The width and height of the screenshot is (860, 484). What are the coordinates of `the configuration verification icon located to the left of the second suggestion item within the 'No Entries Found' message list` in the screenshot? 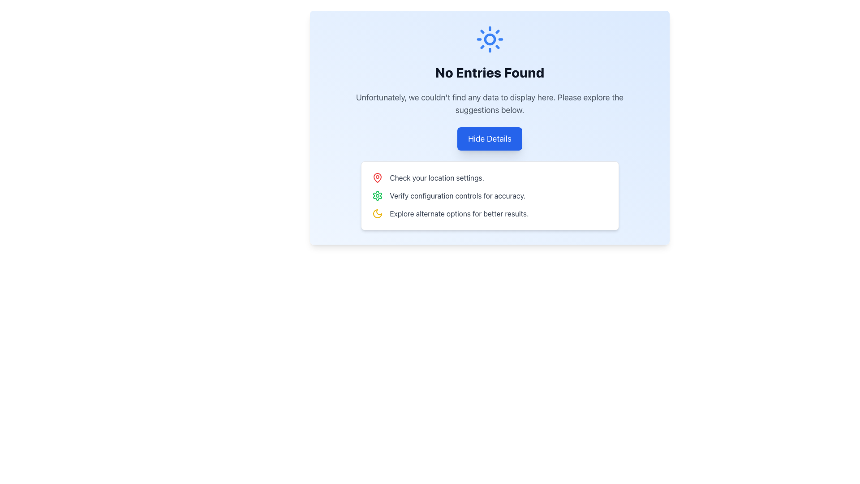 It's located at (377, 195).